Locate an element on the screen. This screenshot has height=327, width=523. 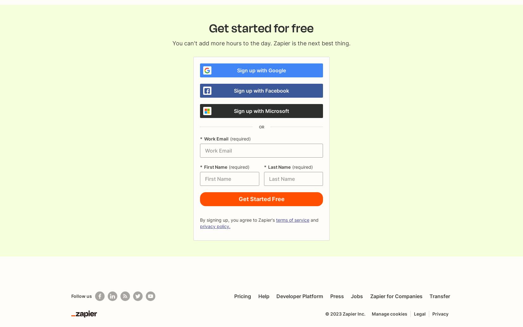
'terms of service' is located at coordinates (276, 220).